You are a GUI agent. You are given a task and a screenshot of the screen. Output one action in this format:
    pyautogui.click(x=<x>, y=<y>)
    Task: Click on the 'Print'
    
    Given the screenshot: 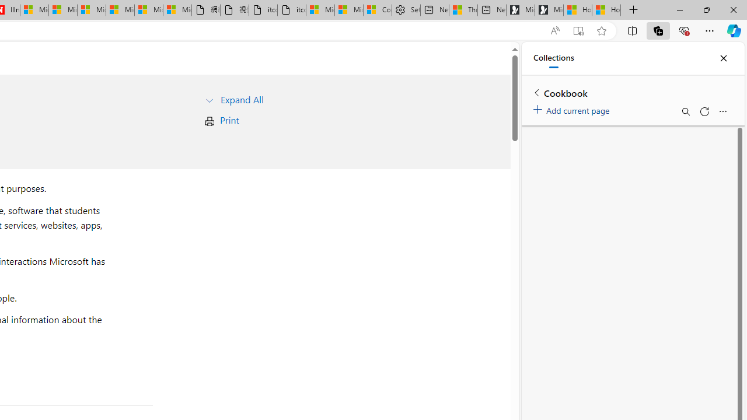 What is the action you would take?
    pyautogui.click(x=229, y=120)
    